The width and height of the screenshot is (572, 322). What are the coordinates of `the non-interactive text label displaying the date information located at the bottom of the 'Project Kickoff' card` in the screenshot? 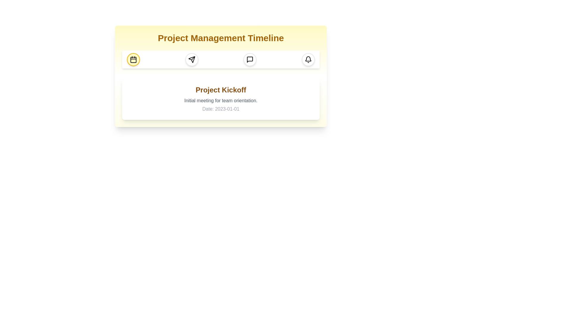 It's located at (220, 109).